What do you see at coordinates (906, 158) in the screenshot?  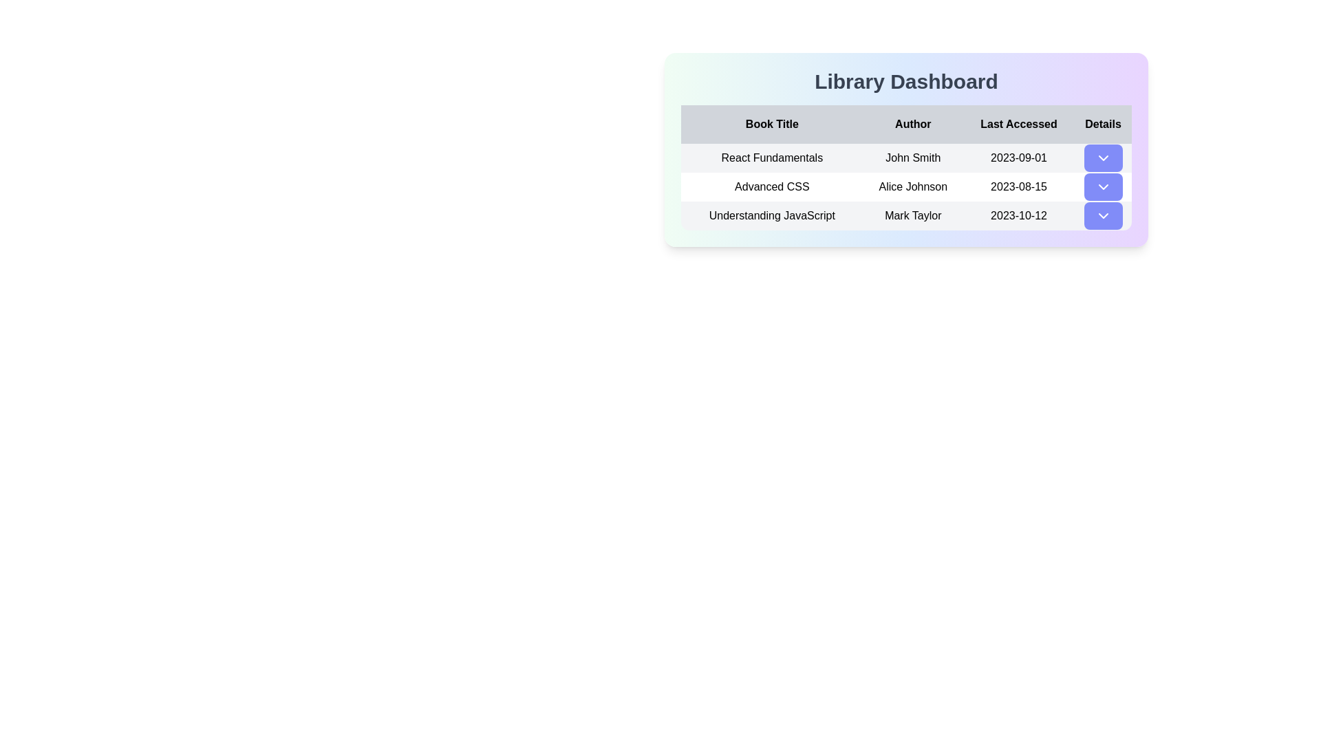 I see `the row displaying 'React Fundamentals', 'John Smith', and '2023-09-01'` at bounding box center [906, 158].